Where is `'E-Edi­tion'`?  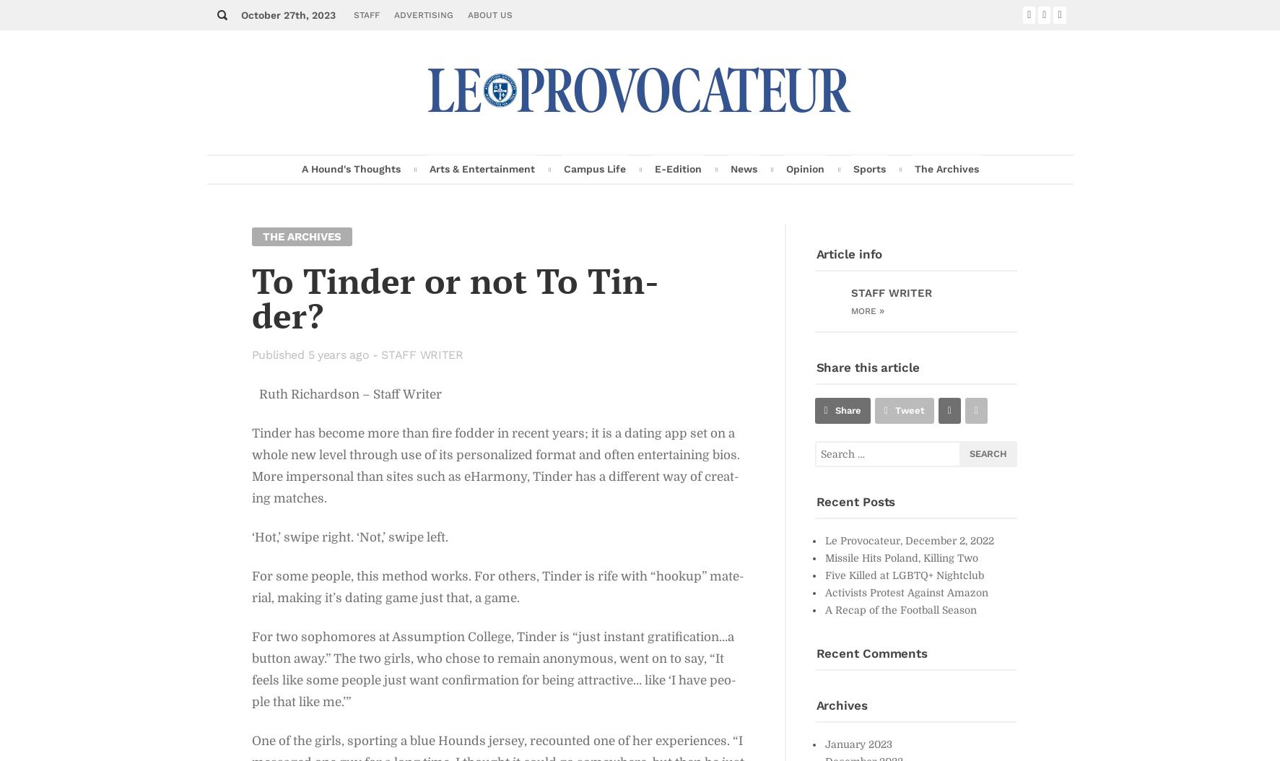 'E-Edi­tion' is located at coordinates (677, 168).